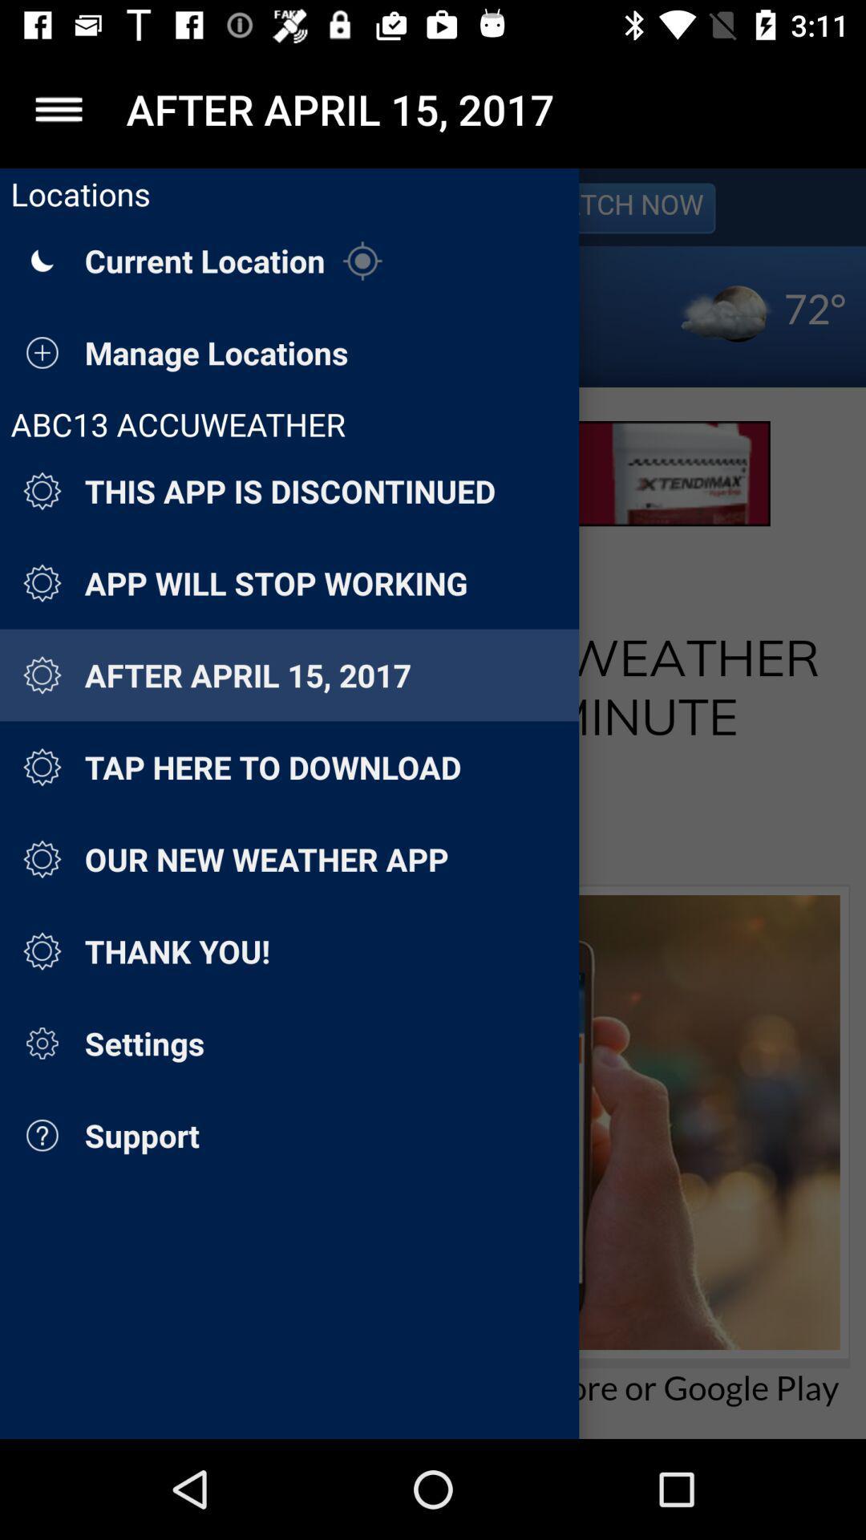 The image size is (866, 1540). Describe the element at coordinates (58, 108) in the screenshot. I see `the option` at that location.